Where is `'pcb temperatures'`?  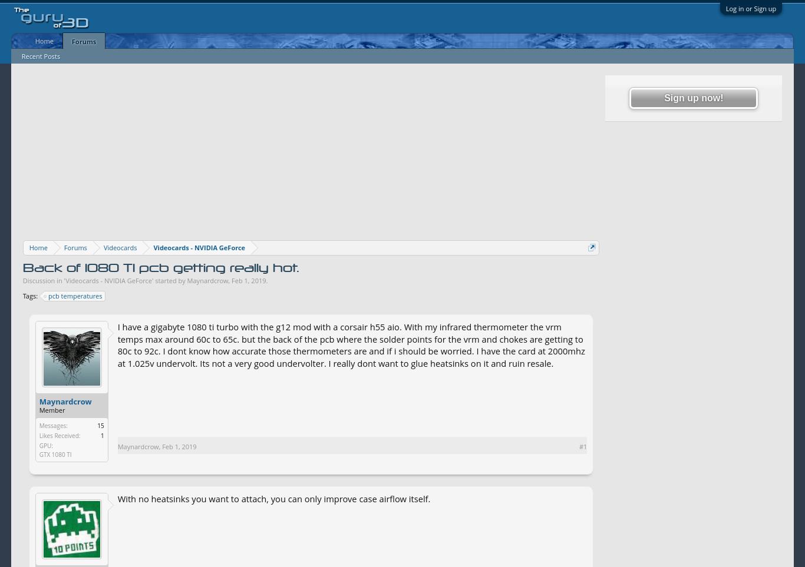
'pcb temperatures' is located at coordinates (74, 295).